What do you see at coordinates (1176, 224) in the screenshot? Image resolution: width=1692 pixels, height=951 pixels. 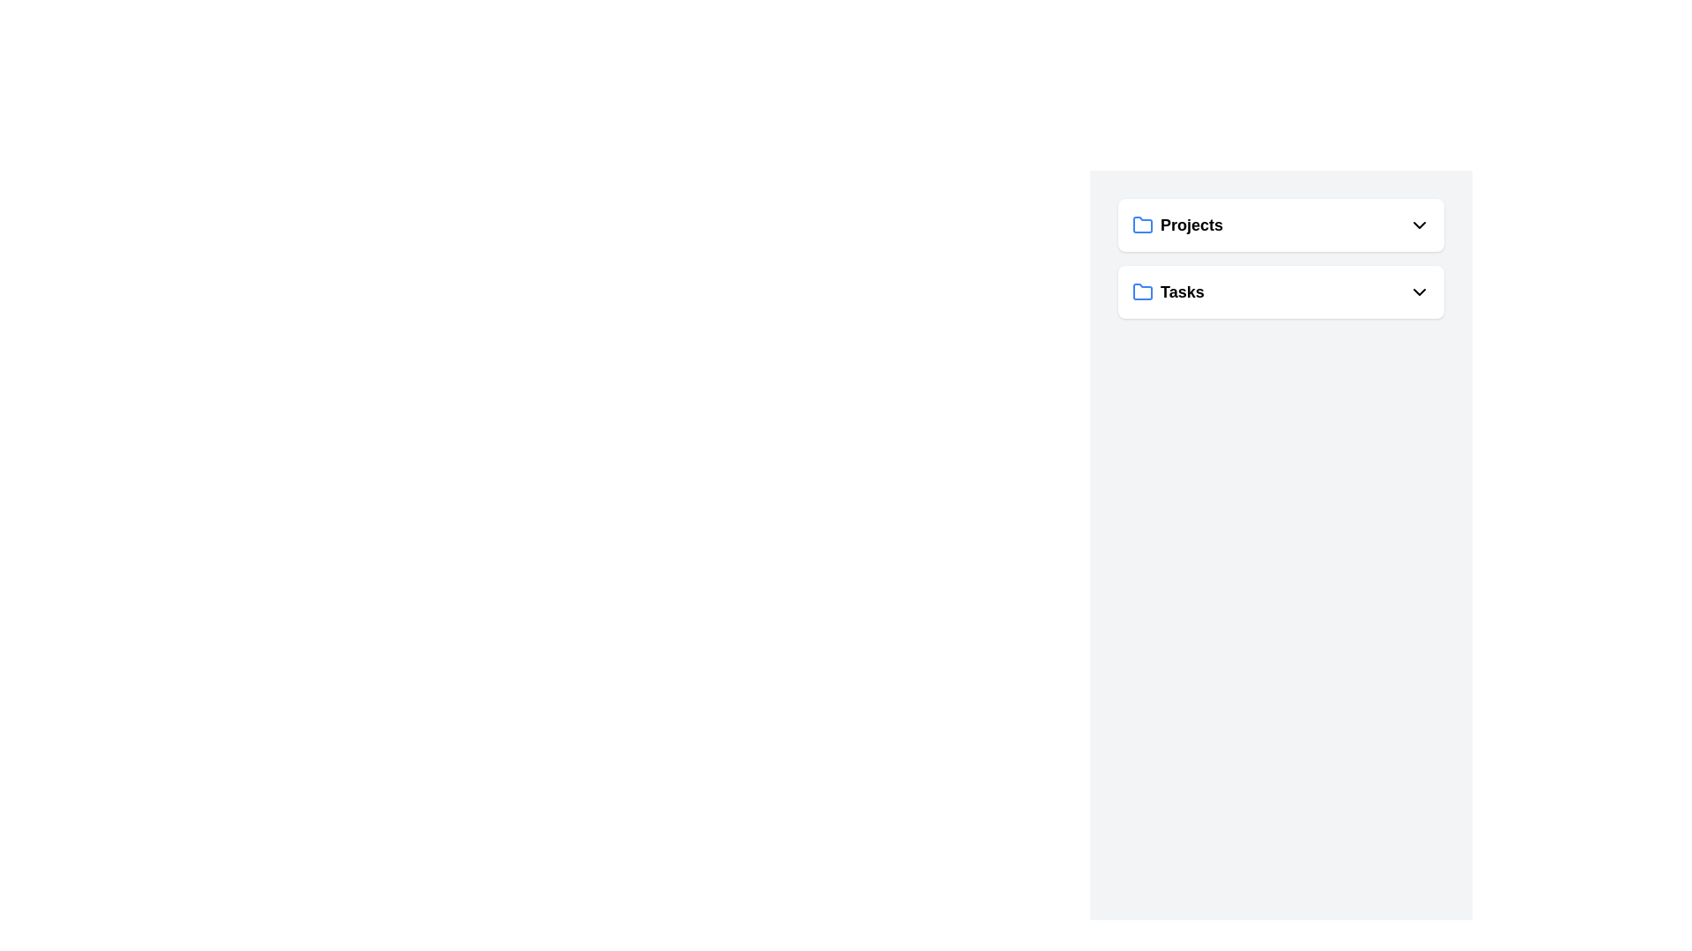 I see `on the 'Projects' menu option, which features a blue folder icon and bold text, located at the top of the visible interface` at bounding box center [1176, 224].